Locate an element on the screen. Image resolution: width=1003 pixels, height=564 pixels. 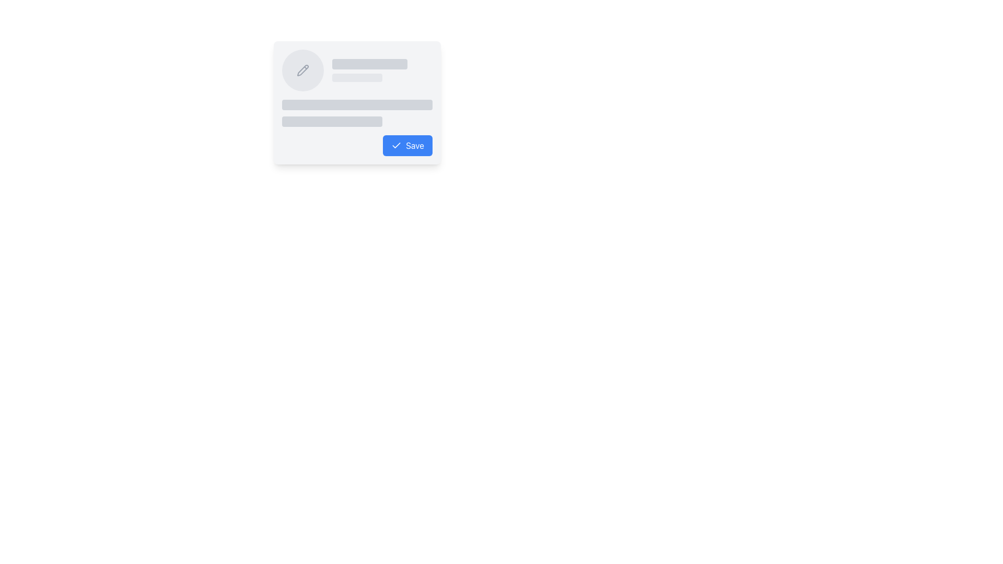
the pencil icon located at the top-left corner of the larger frame is located at coordinates (302, 70).